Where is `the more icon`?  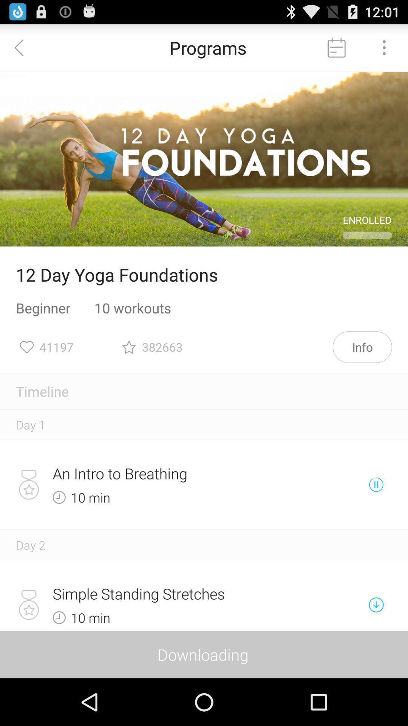
the more icon is located at coordinates (384, 50).